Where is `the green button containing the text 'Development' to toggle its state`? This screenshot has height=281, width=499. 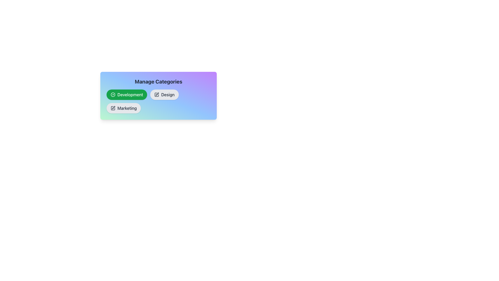
the green button containing the text 'Development' to toggle its state is located at coordinates (130, 94).